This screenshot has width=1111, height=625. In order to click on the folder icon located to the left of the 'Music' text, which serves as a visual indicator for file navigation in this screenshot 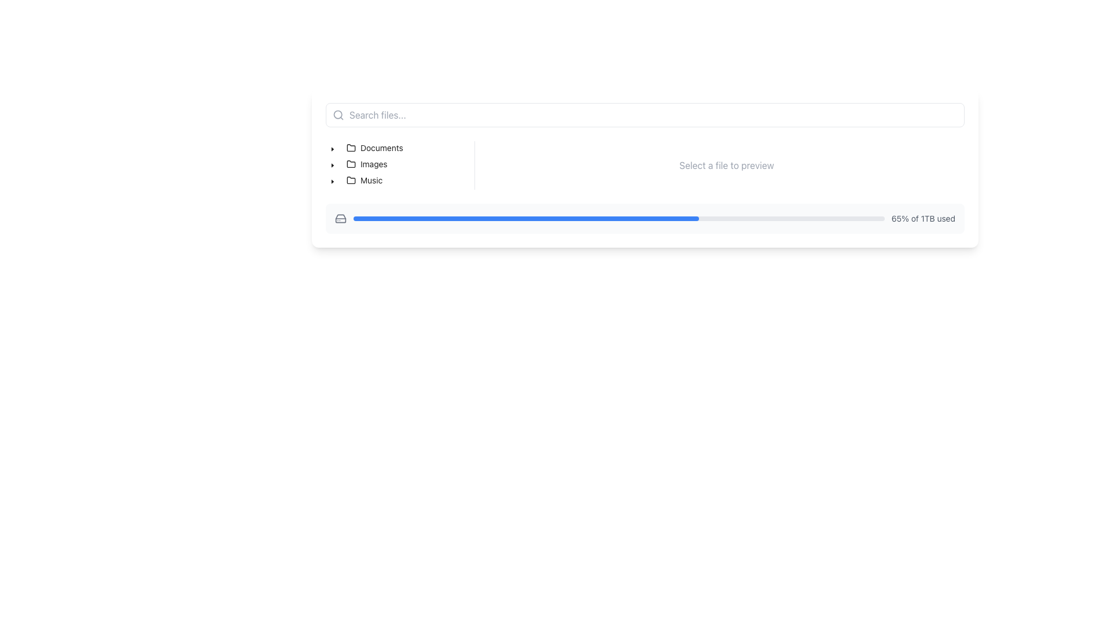, I will do `click(350, 181)`.